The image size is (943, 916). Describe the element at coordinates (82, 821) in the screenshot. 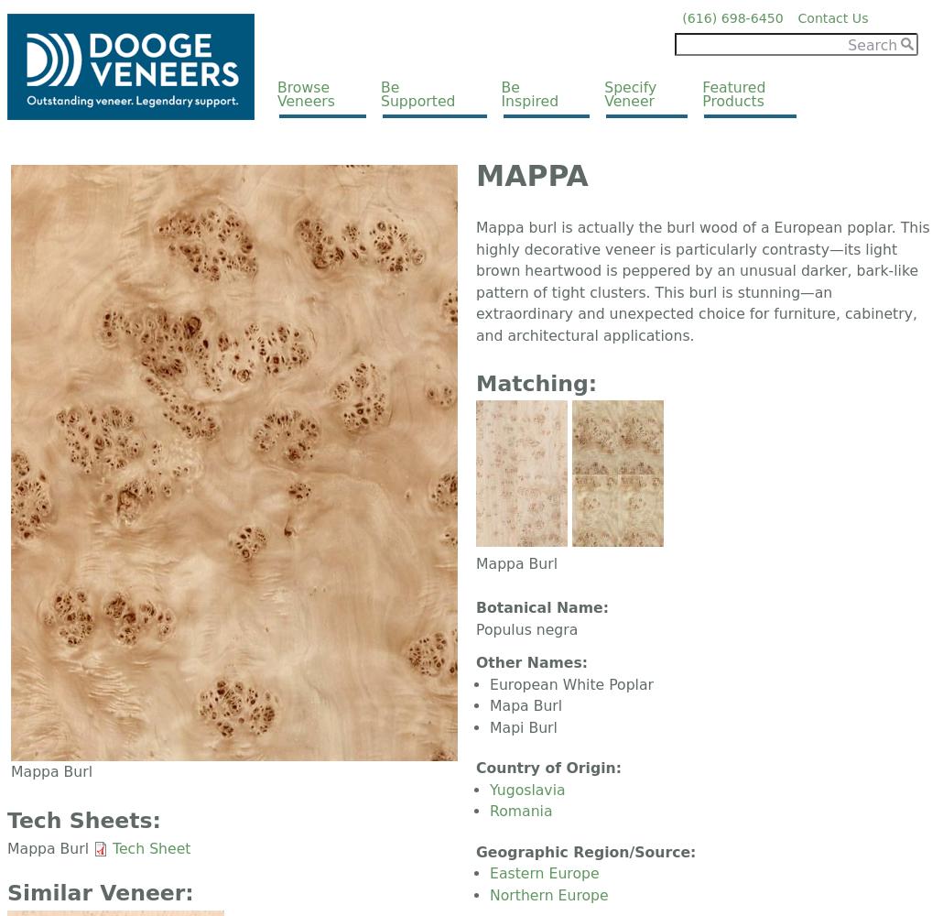

I see `'Tech Sheets:'` at that location.